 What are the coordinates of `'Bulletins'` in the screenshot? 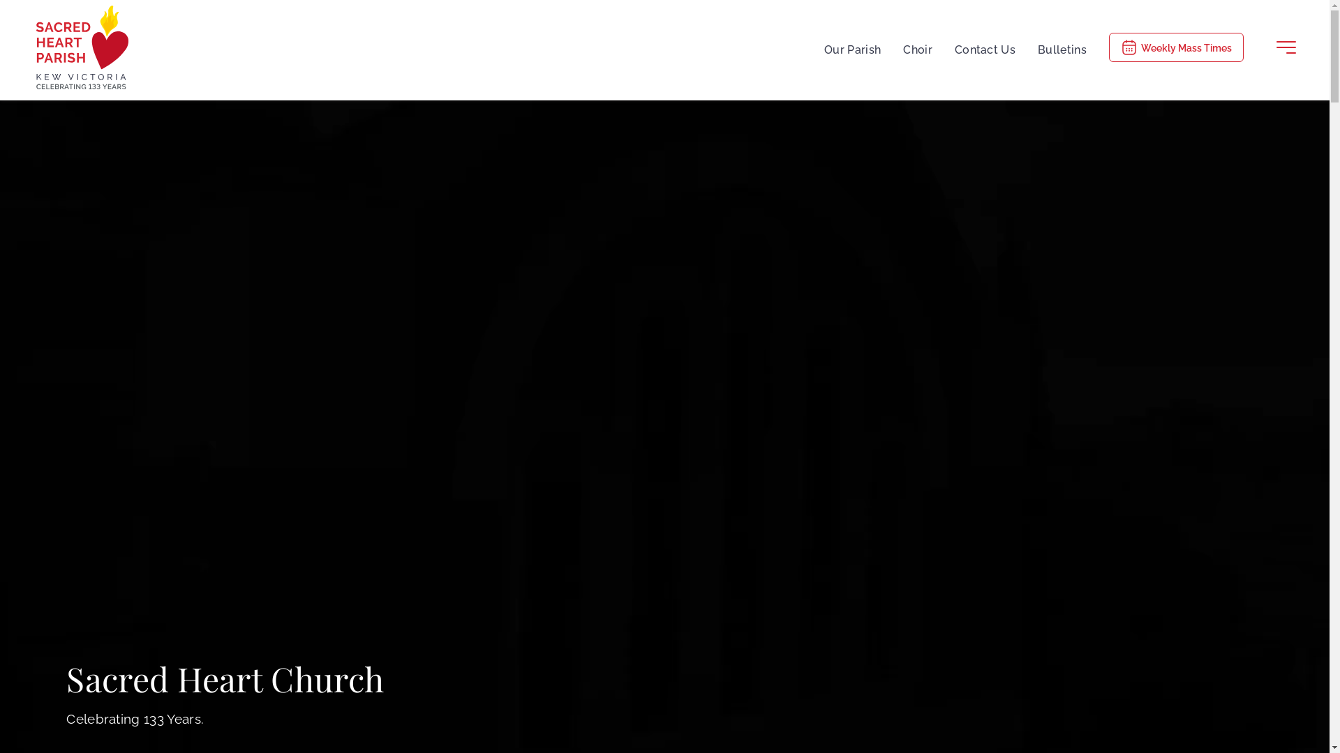 It's located at (1061, 47).